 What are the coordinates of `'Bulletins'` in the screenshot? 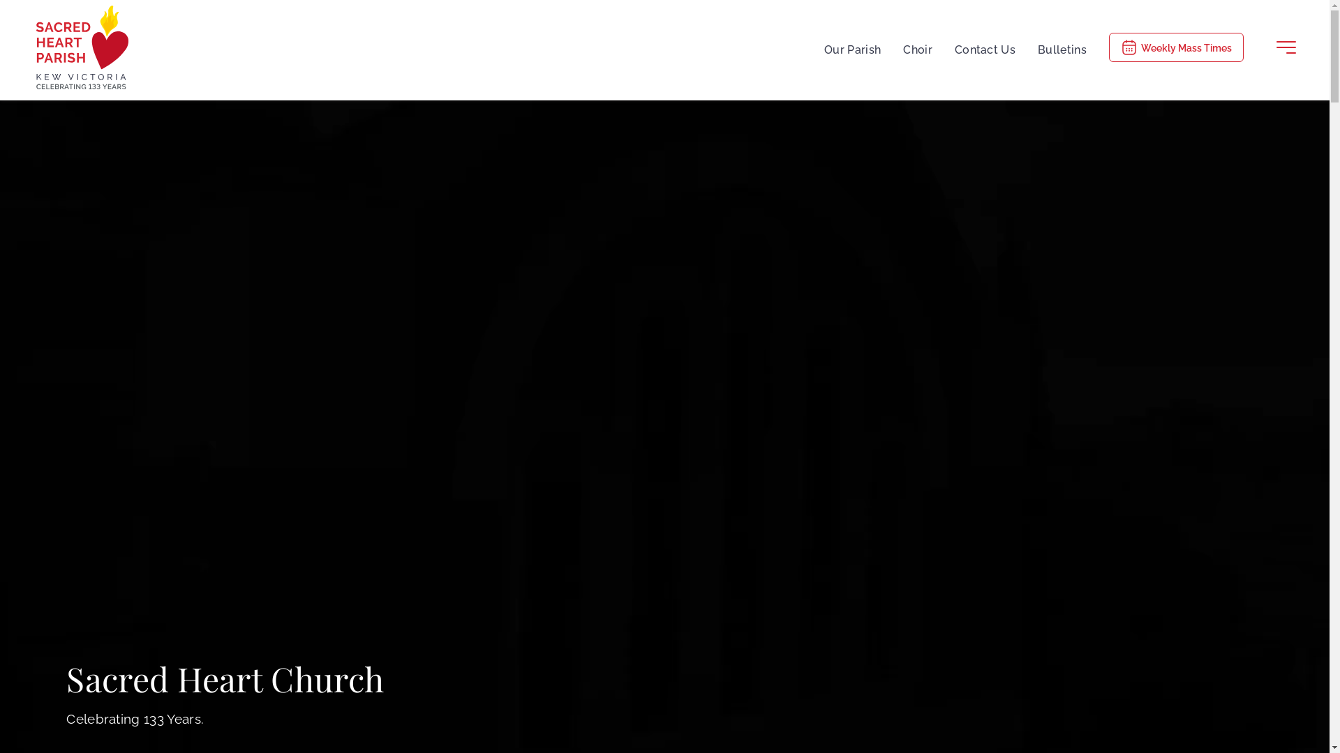 It's located at (1061, 47).